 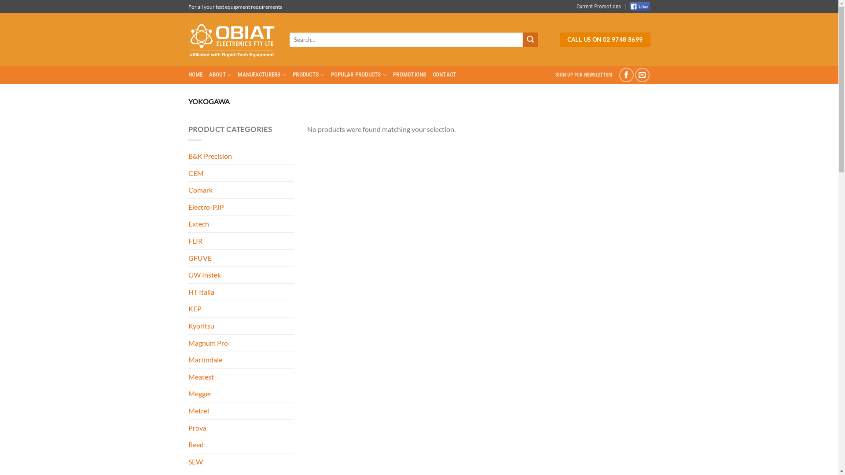 I want to click on 'Magnum Pro', so click(x=241, y=342).